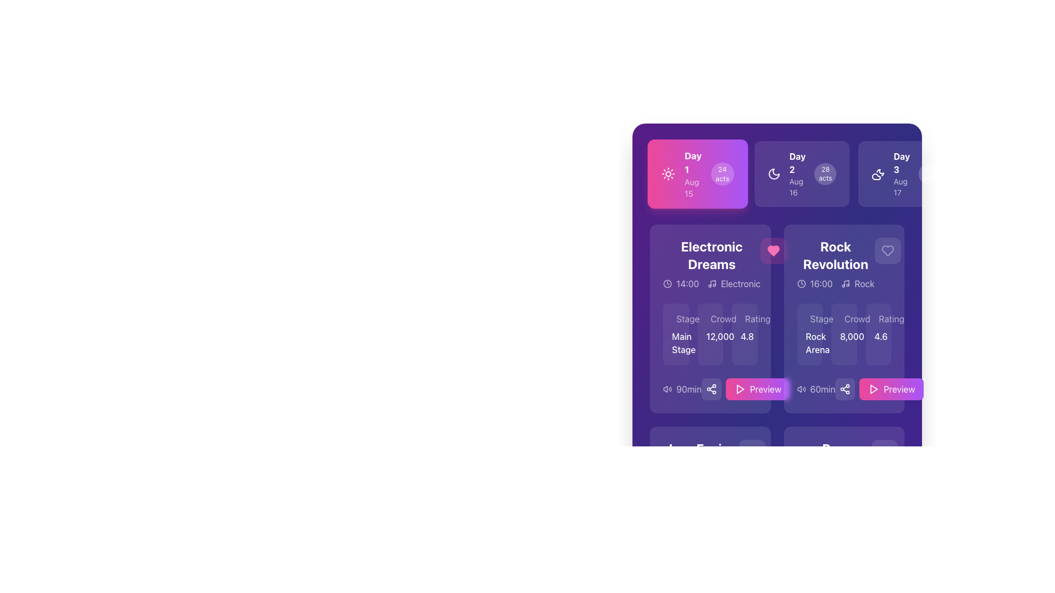  What do you see at coordinates (864, 283) in the screenshot?
I see `the 'Rock' label, which is styled in white font against a purple background and located in the 'Rock Revolution' section, near a music note icon` at bounding box center [864, 283].